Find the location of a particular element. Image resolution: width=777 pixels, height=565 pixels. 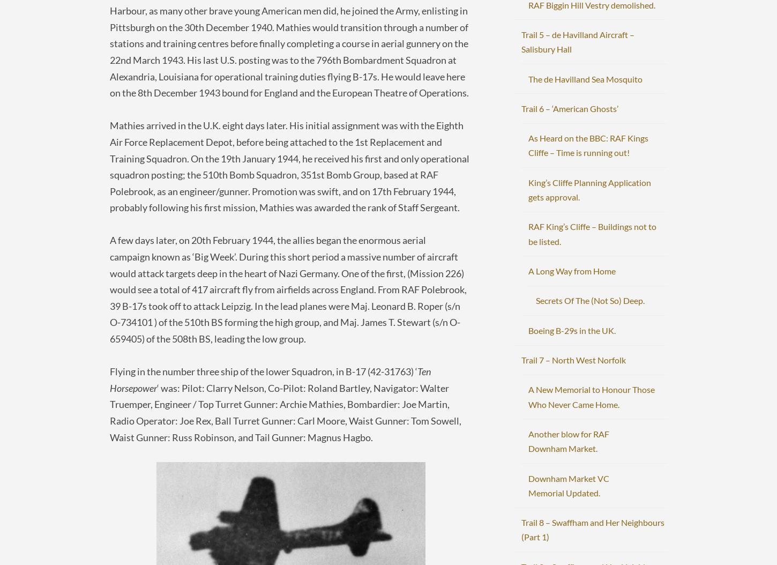

'A few days later, on 20th February 1944, the allies began the enormous aerial campaign known as ‘Big Week’. During this short period a massive number of aircraft would attack targets deep in the heart of Nazi Germany. One of the first, (Mission 226) would see a total of 417 aircraft fly from airfields across England. From RAF Polebrook, 39 B-17s took off to attack Leipzig. In the lead planes were Maj. Leonard B. Roper (s/n O-734101 ) of the 510th BS forming the high group, and Maj. James T. Stewart (s/n O-659405) of the 508th BS, leading the low group.' is located at coordinates (109, 289).